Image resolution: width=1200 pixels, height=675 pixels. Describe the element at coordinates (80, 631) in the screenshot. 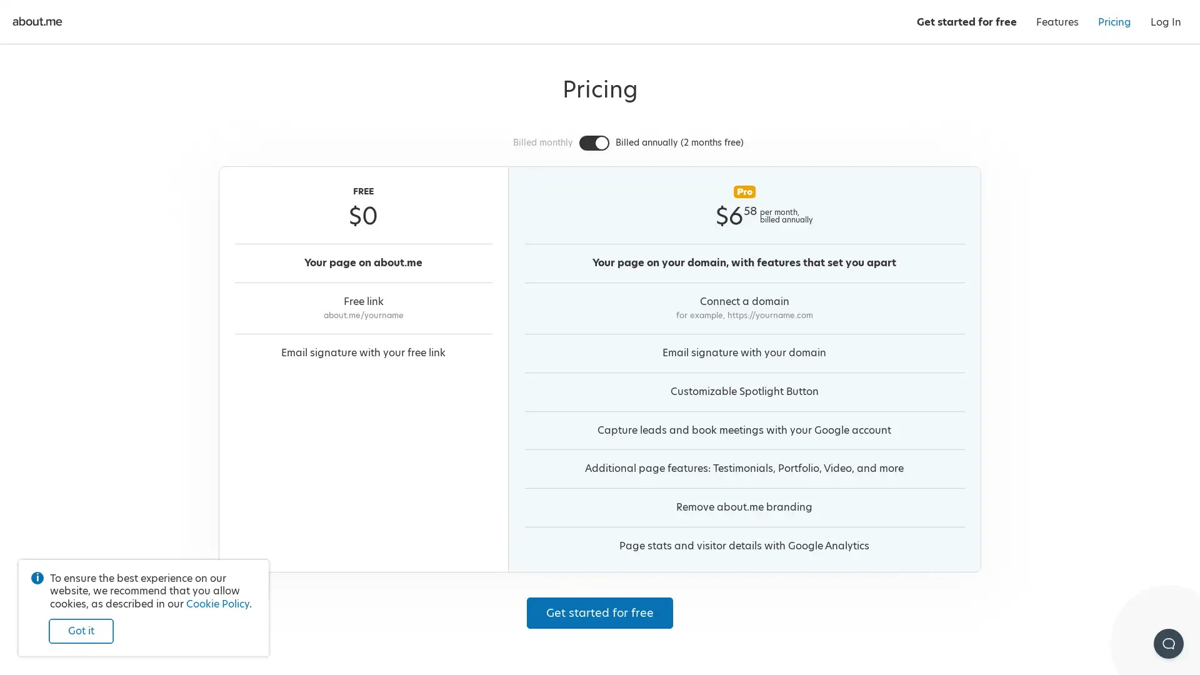

I see `Got it` at that location.